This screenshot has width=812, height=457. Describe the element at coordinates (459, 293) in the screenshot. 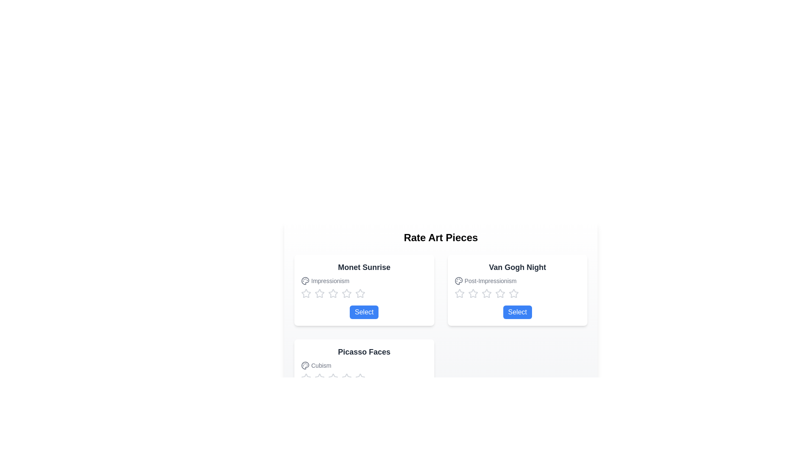

I see `the first star-shaped rating icon in the 'Van Gogh Night' section` at that location.